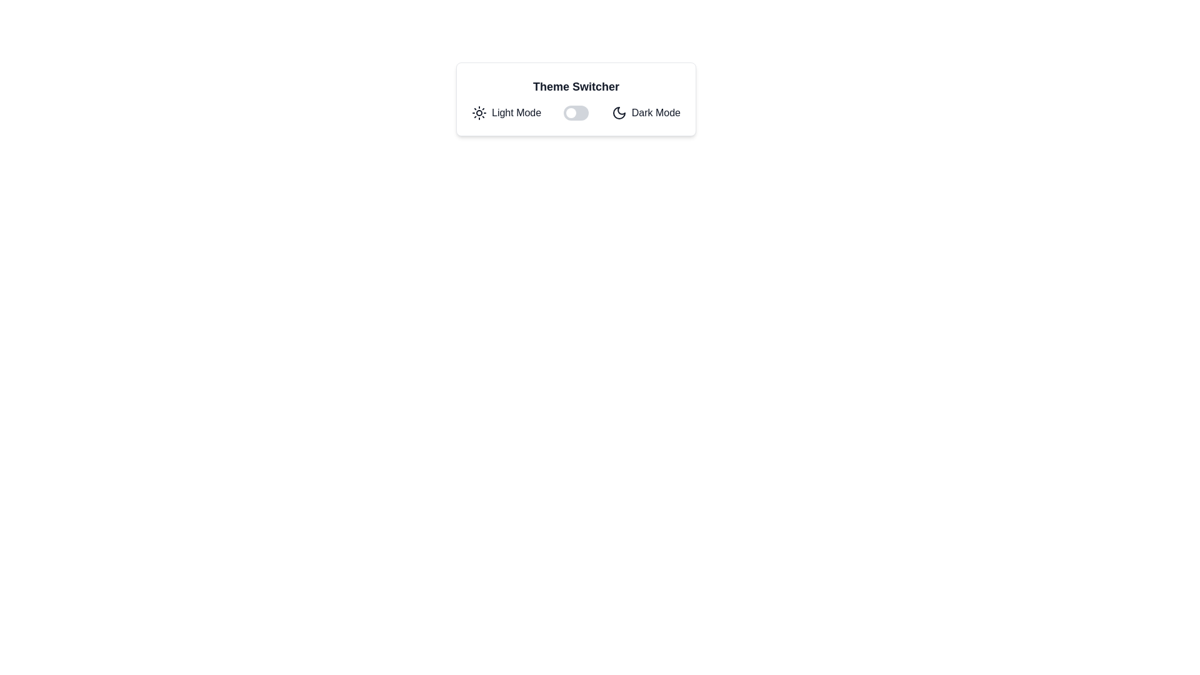 The image size is (1200, 675). I want to click on the 'Dark Mode' icon in the theme switcher, which is located to the right of the toggle switch and next to the label 'Dark Mode', so click(619, 113).